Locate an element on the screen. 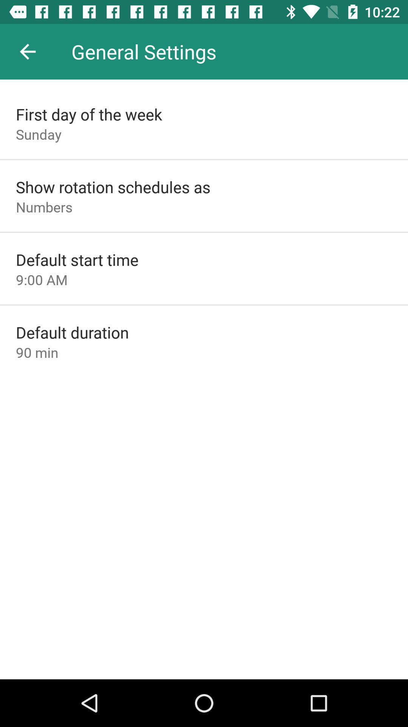 Image resolution: width=408 pixels, height=727 pixels. icon at the top left corner is located at coordinates (27, 51).